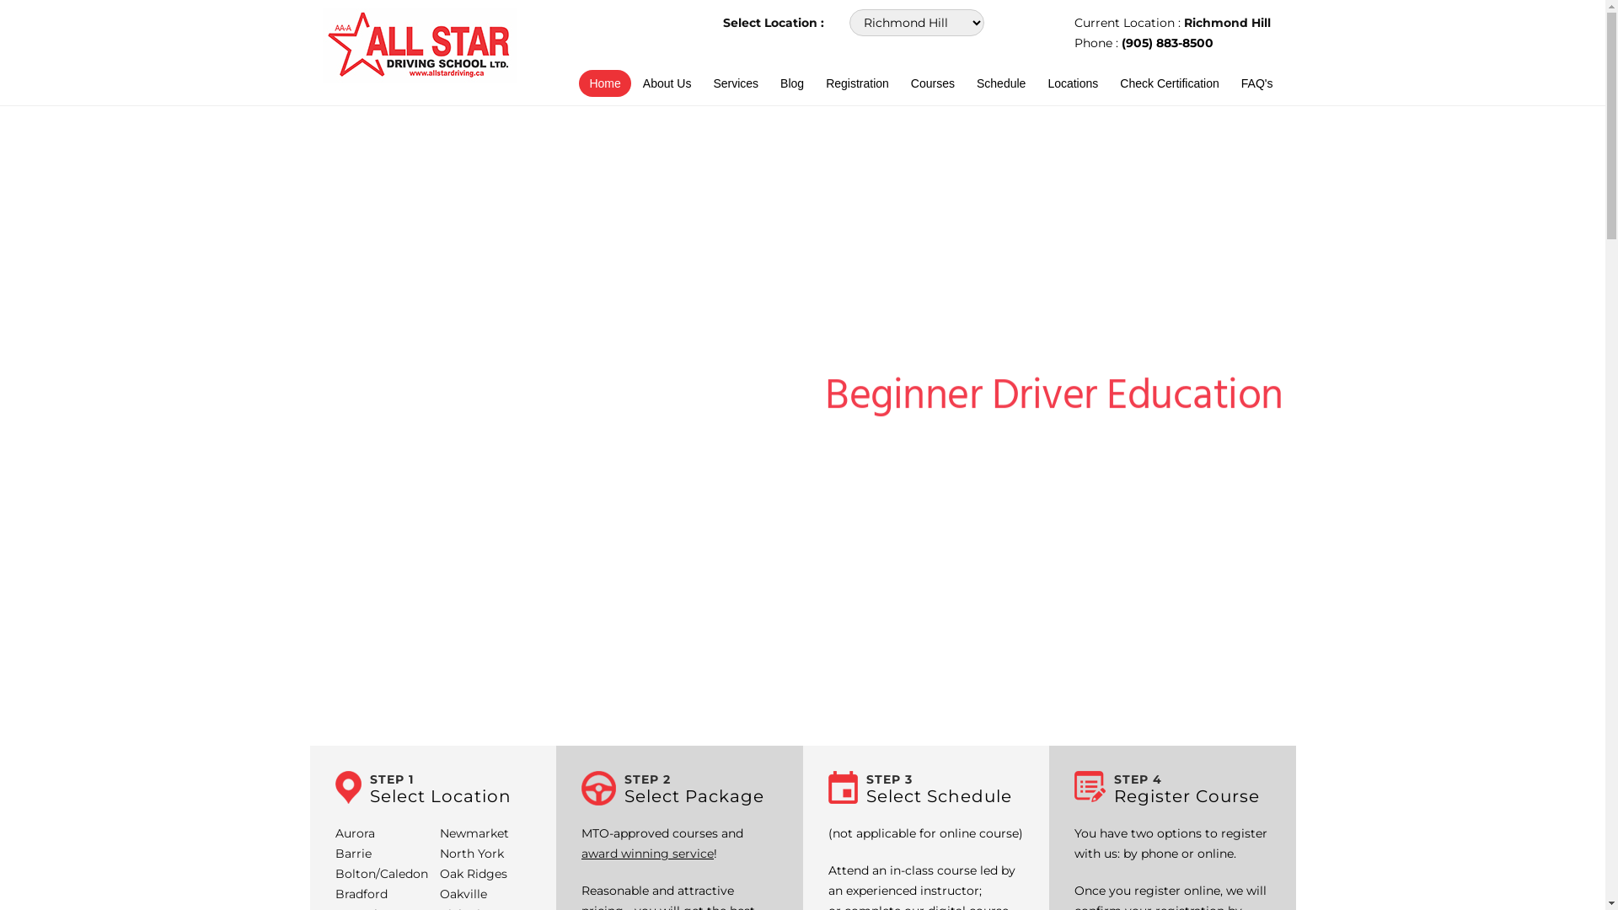 This screenshot has width=1618, height=910. What do you see at coordinates (769, 83) in the screenshot?
I see `'Blog'` at bounding box center [769, 83].